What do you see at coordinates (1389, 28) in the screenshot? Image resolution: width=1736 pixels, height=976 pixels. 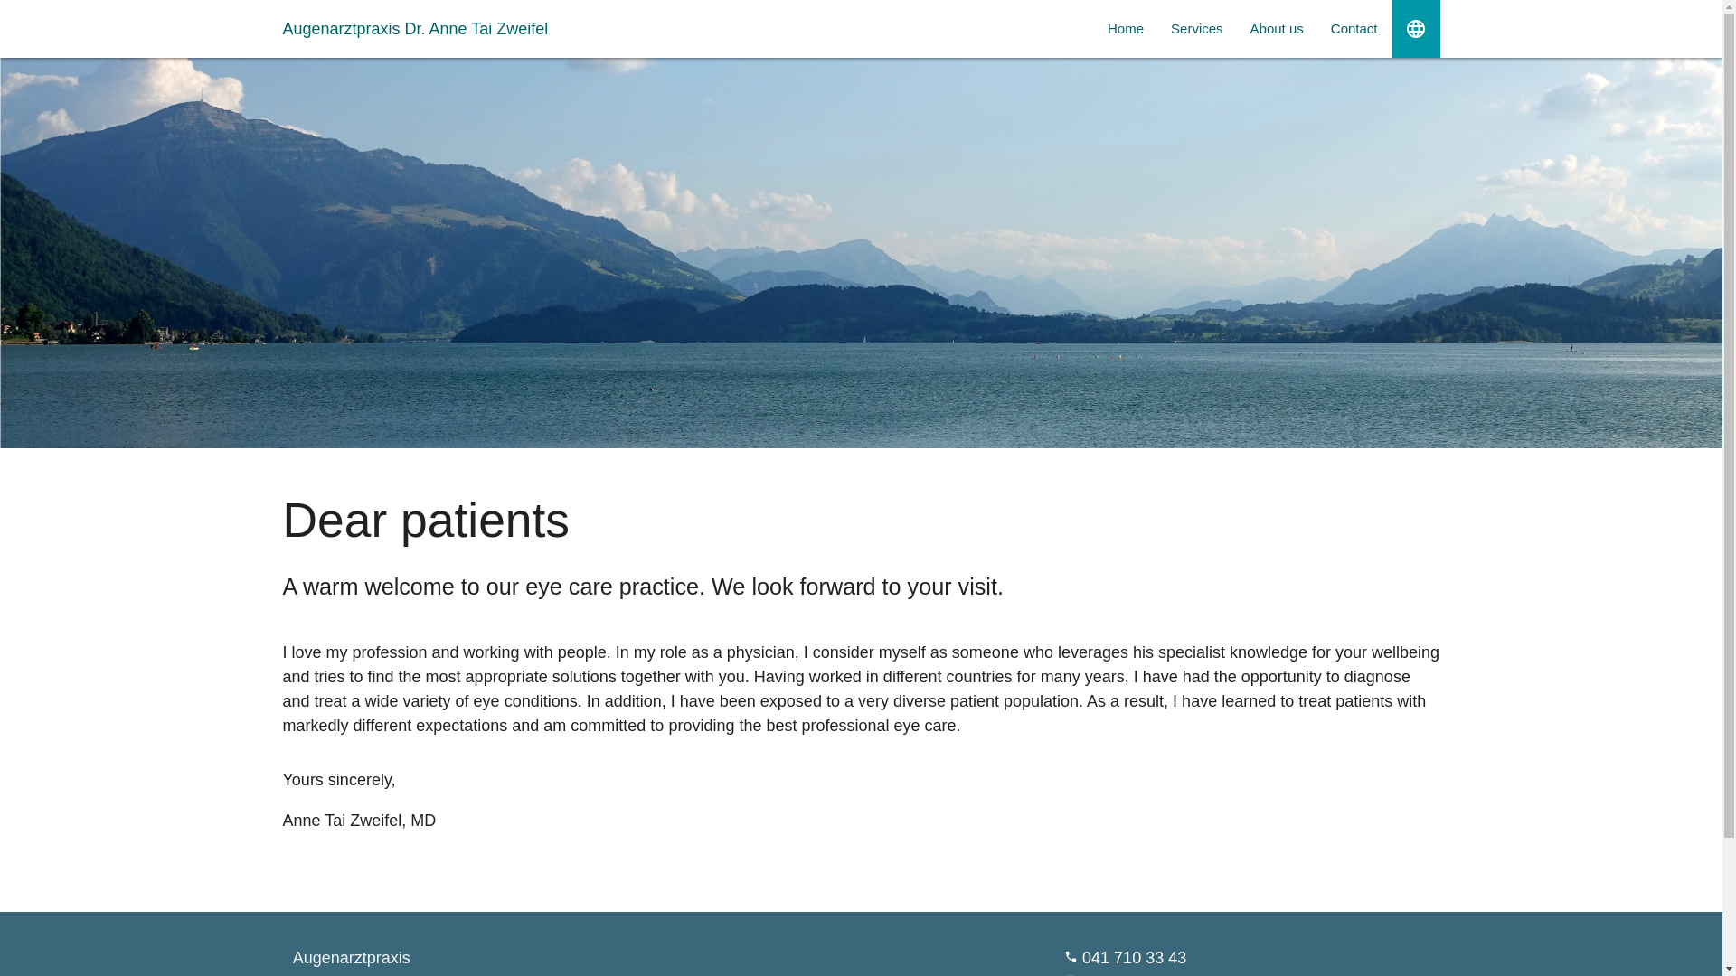 I see `'language'` at bounding box center [1389, 28].